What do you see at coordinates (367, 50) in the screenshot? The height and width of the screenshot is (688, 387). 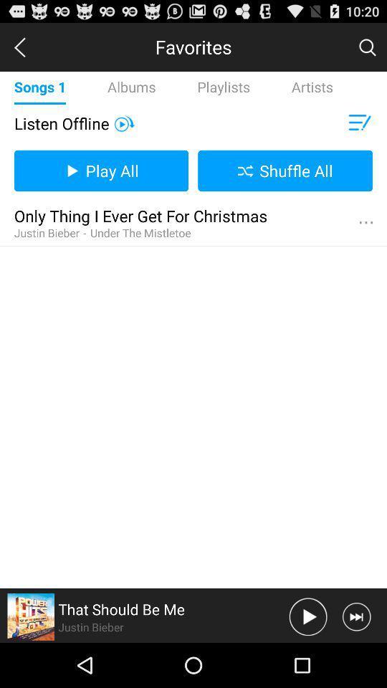 I see `the search icon` at bounding box center [367, 50].